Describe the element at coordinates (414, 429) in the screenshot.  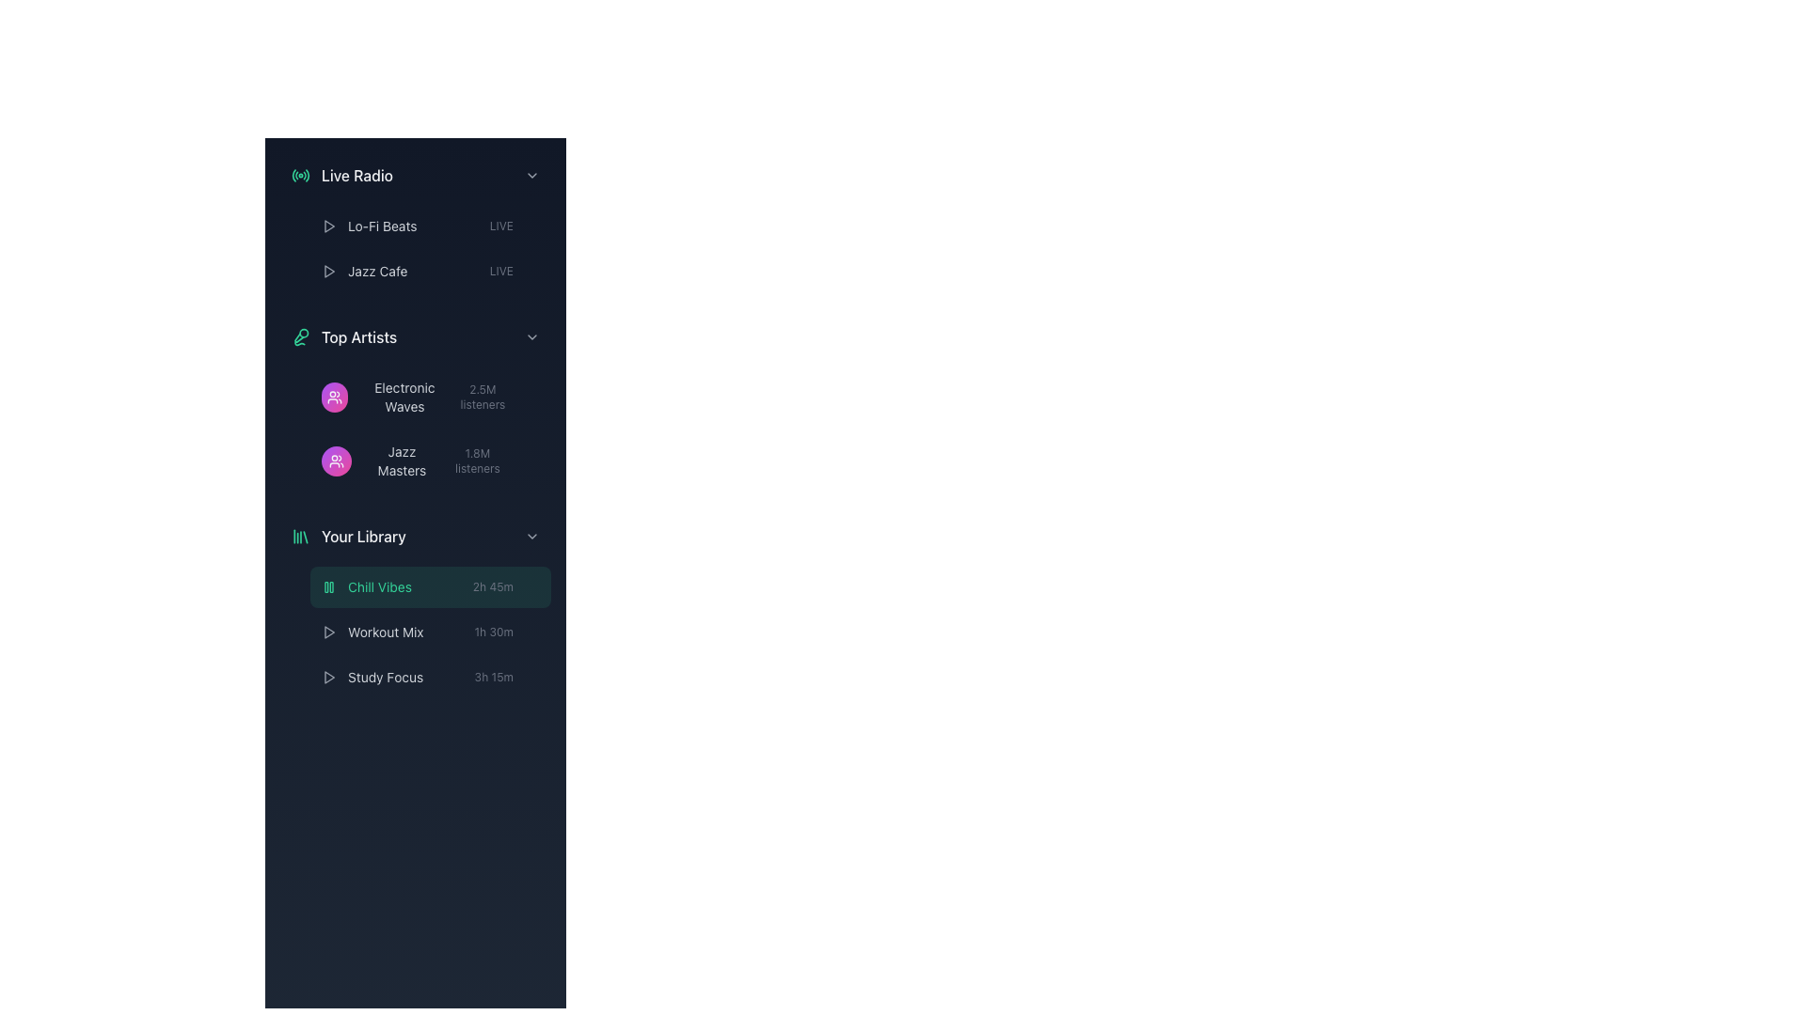
I see `the second navigation item in the 'Top Artists' section` at that location.